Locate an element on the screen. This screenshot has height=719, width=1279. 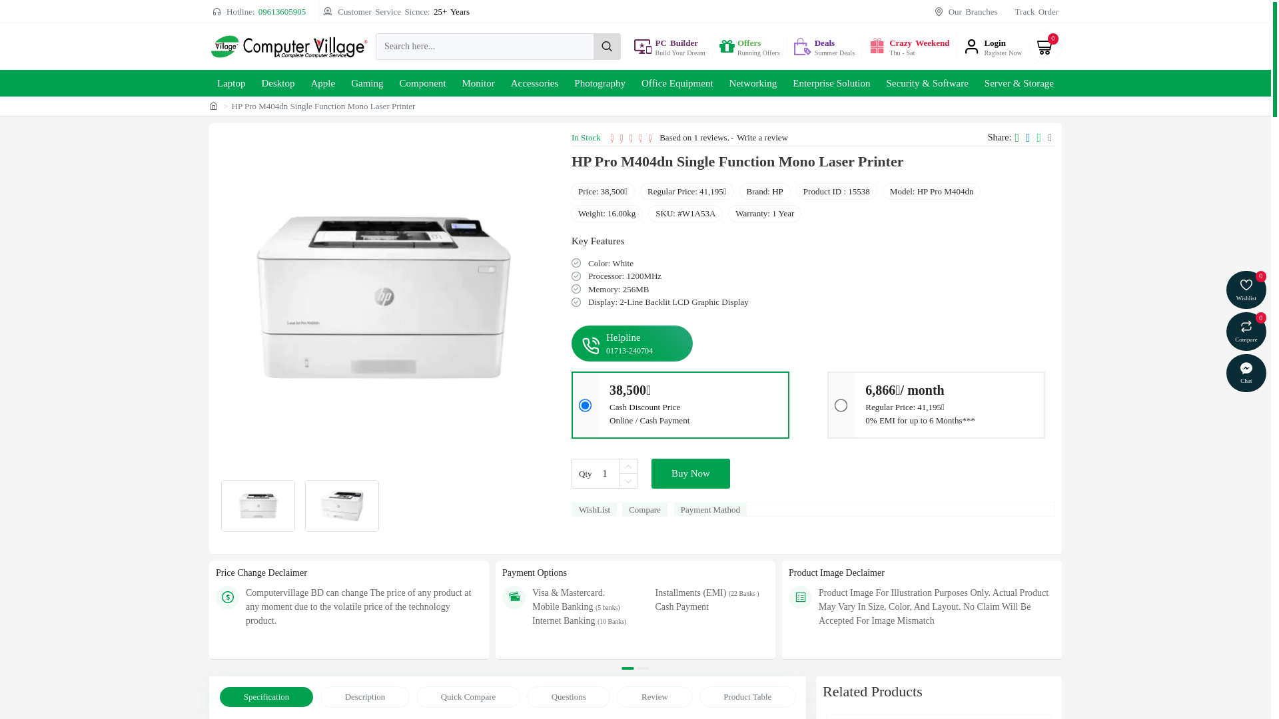
'Apple' is located at coordinates (322, 83).